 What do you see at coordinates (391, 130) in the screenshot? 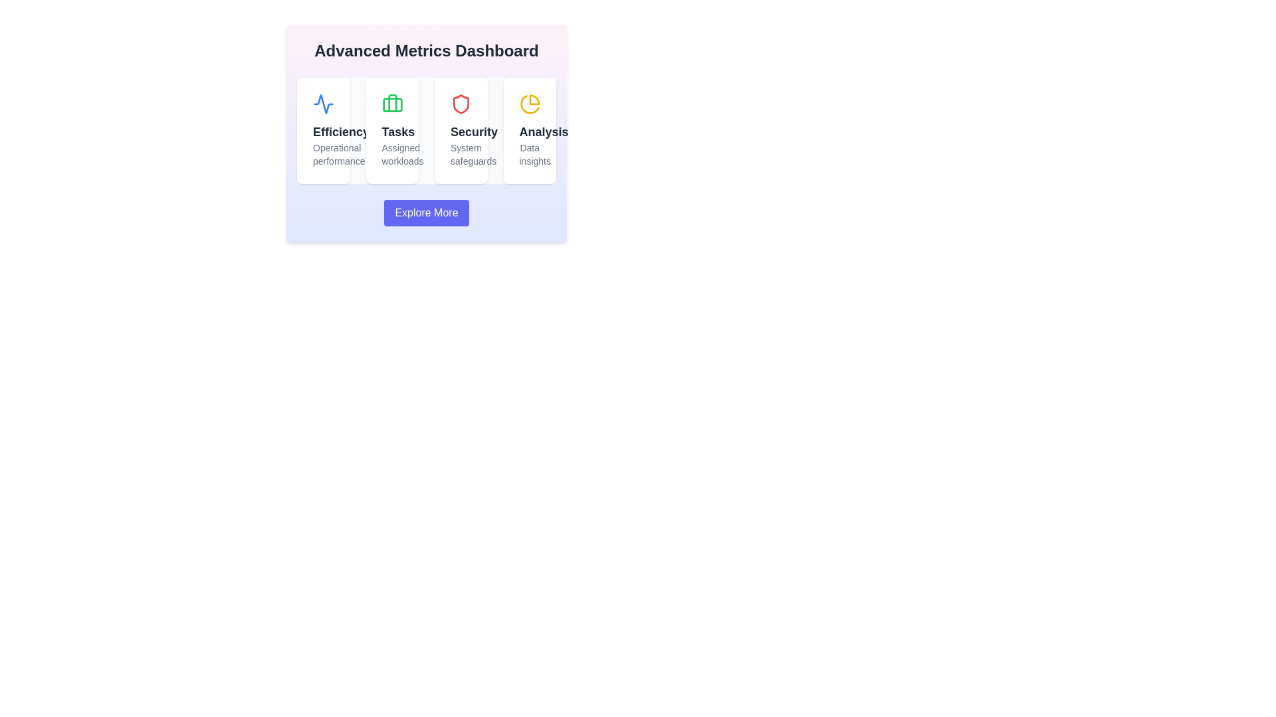
I see `the second card in the grid layout under the 'Advanced Metrics Dashboard'` at bounding box center [391, 130].